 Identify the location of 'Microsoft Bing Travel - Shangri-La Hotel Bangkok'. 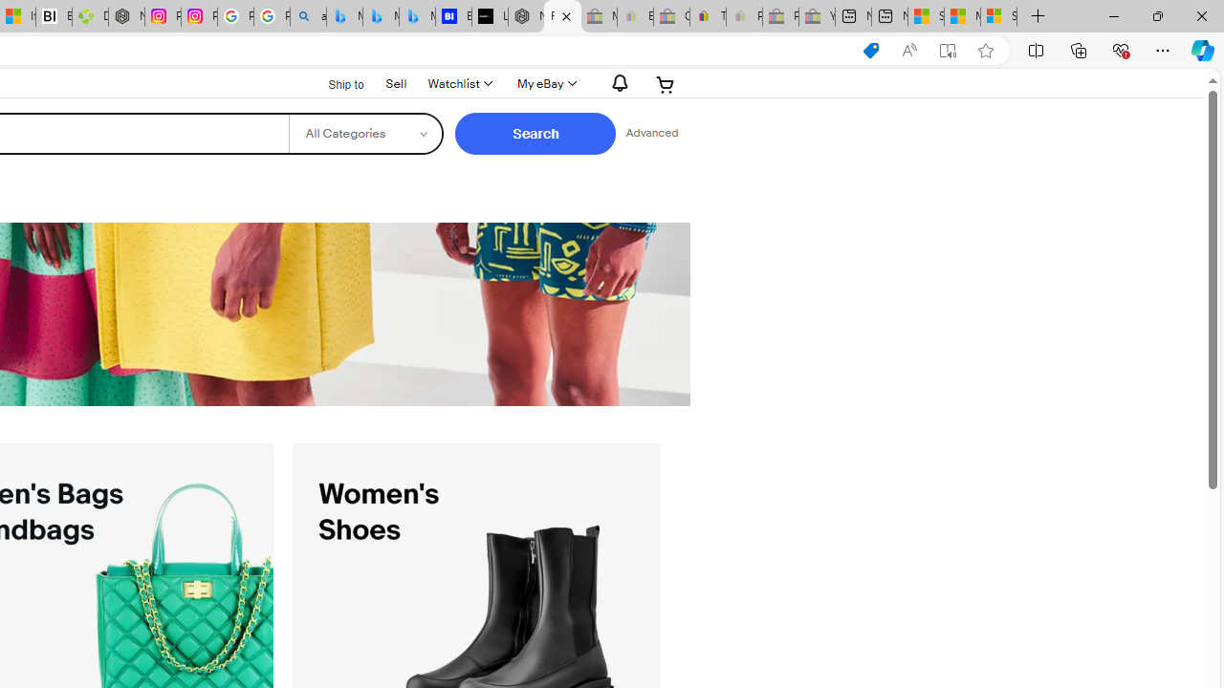
(416, 16).